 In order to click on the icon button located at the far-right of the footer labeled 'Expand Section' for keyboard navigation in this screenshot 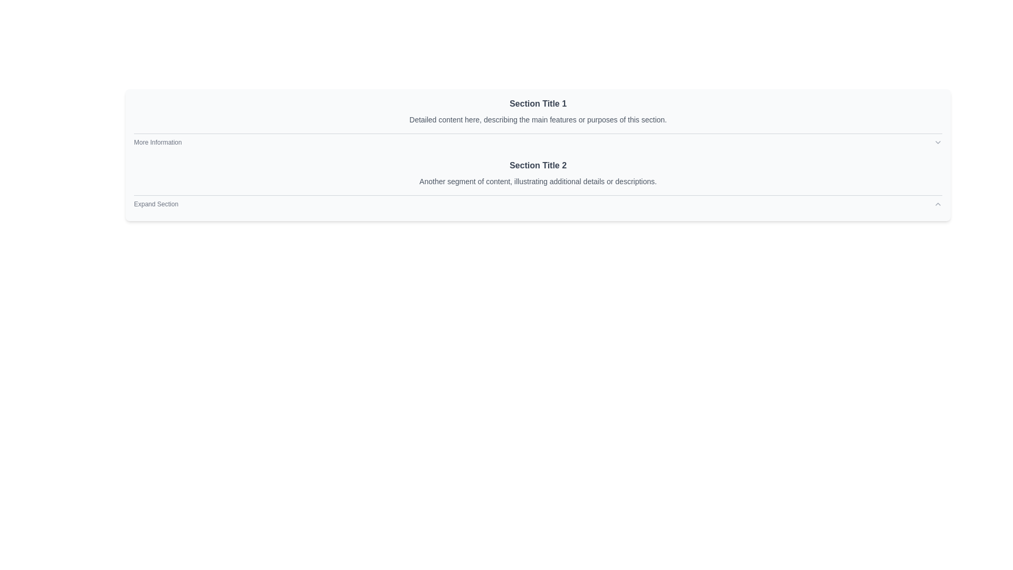, I will do `click(938, 204)`.